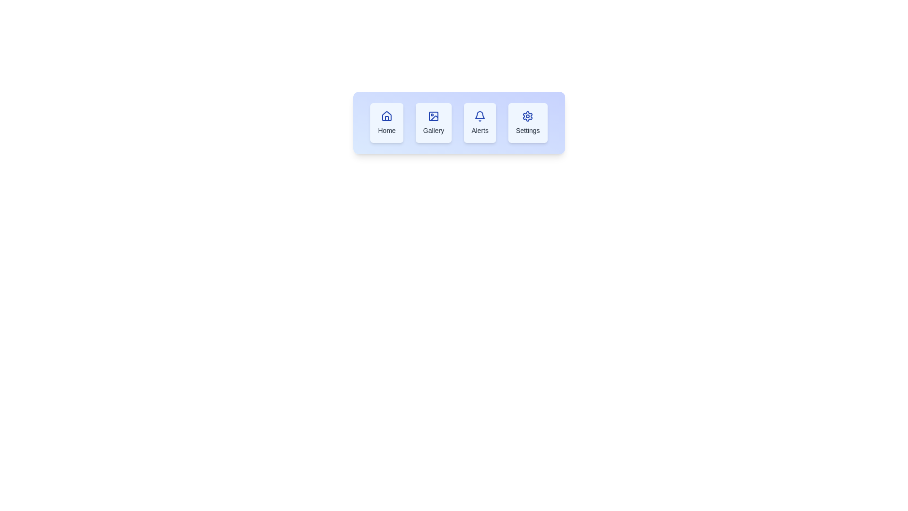 The width and height of the screenshot is (908, 511). Describe the element at coordinates (527, 116) in the screenshot. I see `the blue gear-shaped icon within the 'Settings' option in the horizontal menu bar` at that location.